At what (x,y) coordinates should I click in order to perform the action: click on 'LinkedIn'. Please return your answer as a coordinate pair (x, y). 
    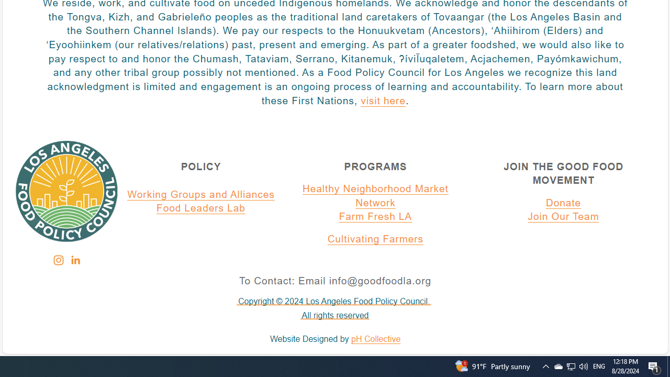
    Looking at the image, I should click on (74, 260).